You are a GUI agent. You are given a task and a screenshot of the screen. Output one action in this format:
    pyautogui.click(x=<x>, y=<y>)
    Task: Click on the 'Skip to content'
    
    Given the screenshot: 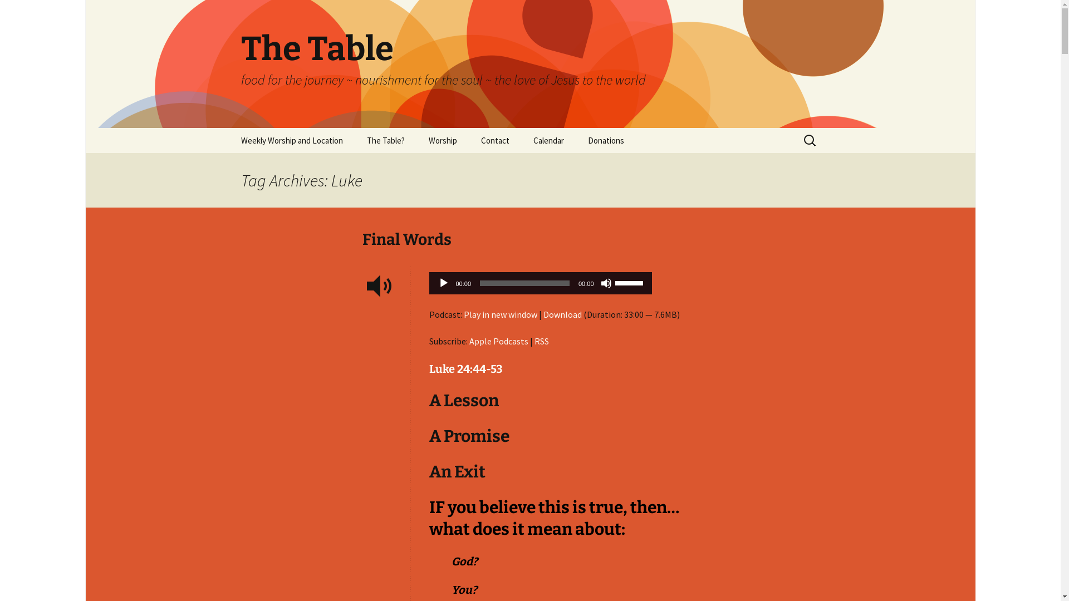 What is the action you would take?
    pyautogui.click(x=229, y=127)
    